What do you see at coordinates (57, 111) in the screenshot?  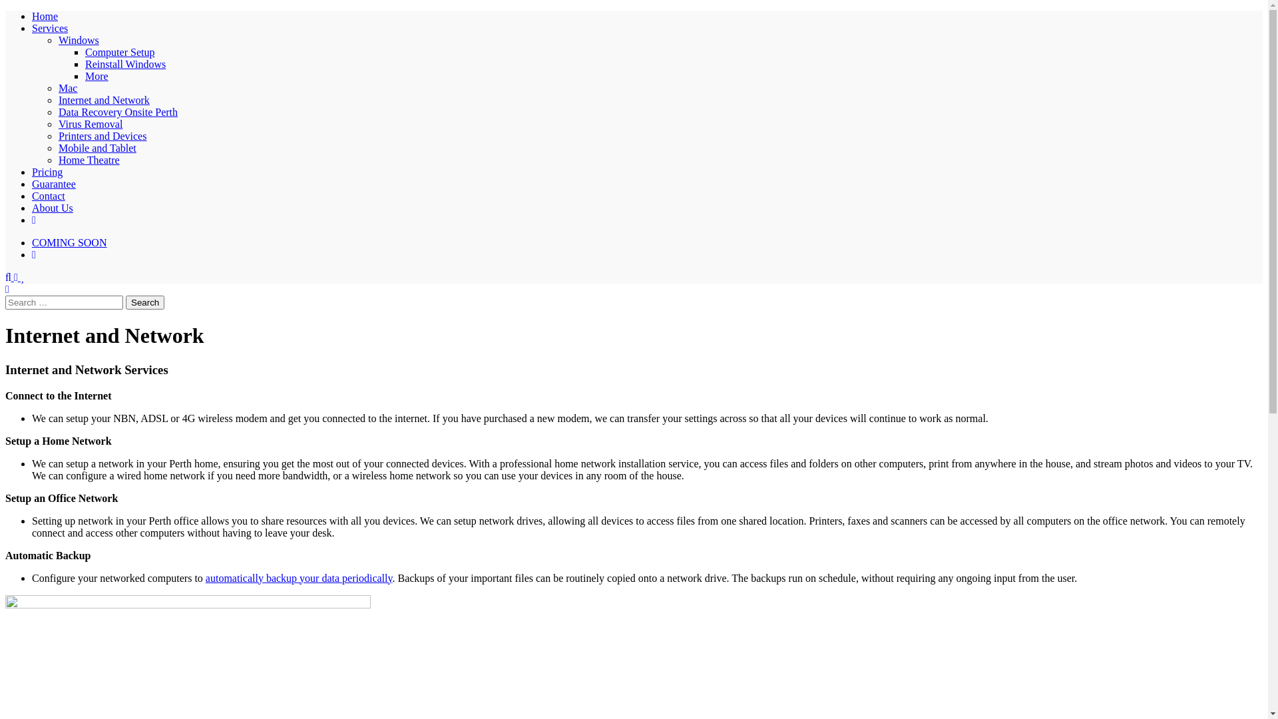 I see `'Data Recovery Onsite Perth'` at bounding box center [57, 111].